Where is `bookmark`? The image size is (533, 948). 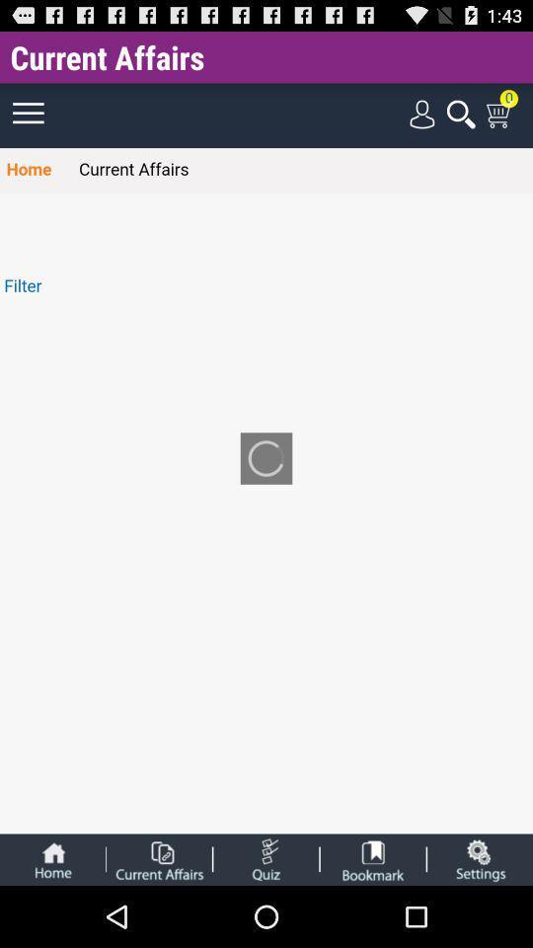 bookmark is located at coordinates (373, 858).